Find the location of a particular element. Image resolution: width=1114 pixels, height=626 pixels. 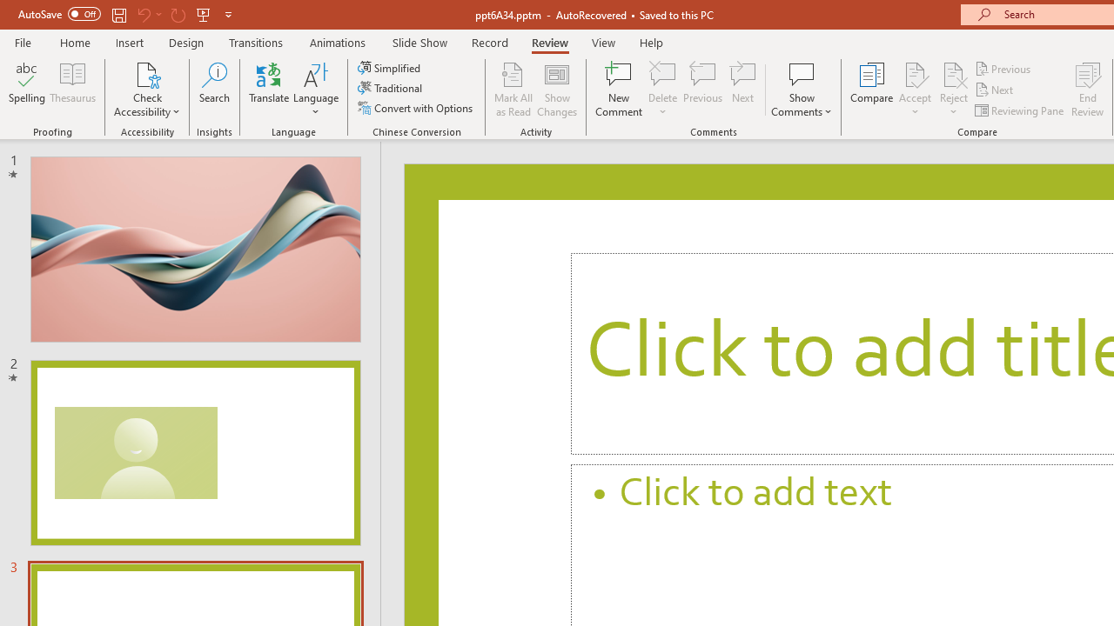

'New Comment' is located at coordinates (619, 90).